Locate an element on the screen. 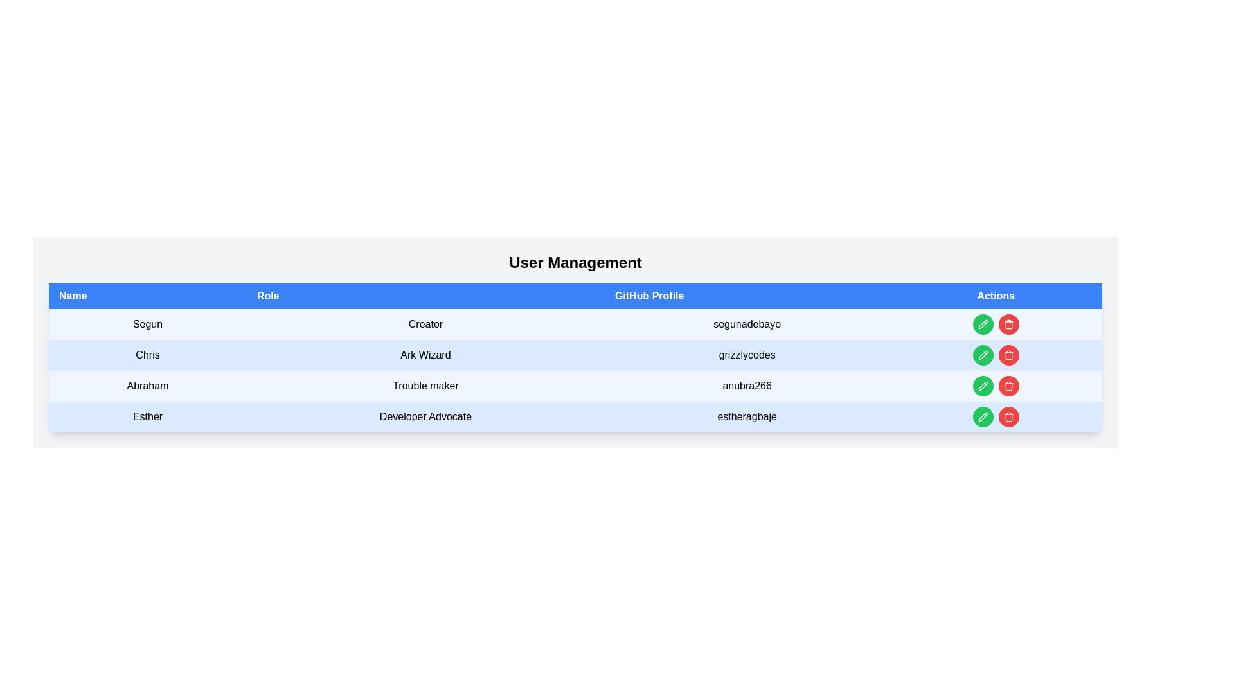 The image size is (1234, 694). the text label displaying a name in the first cell of the second row under the 'Name' header for selection is located at coordinates (148, 355).